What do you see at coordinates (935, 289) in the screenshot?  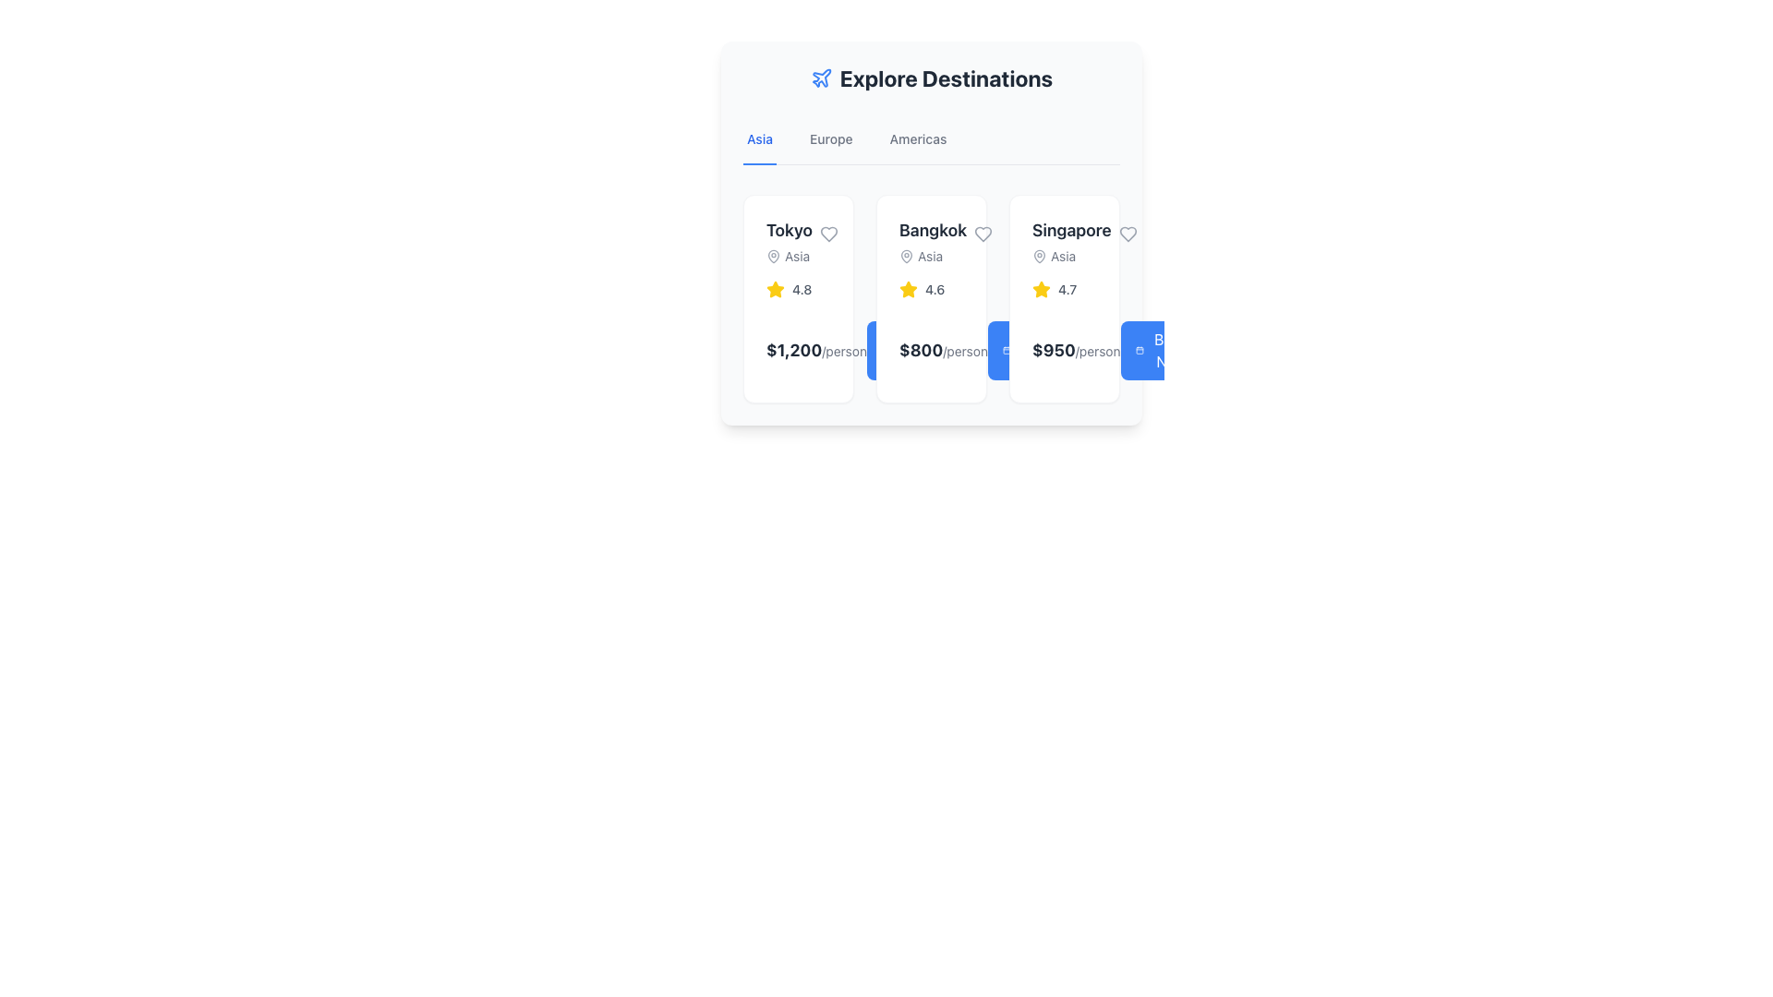 I see `the text label displaying the value '4.6', which is adjacent` at bounding box center [935, 289].